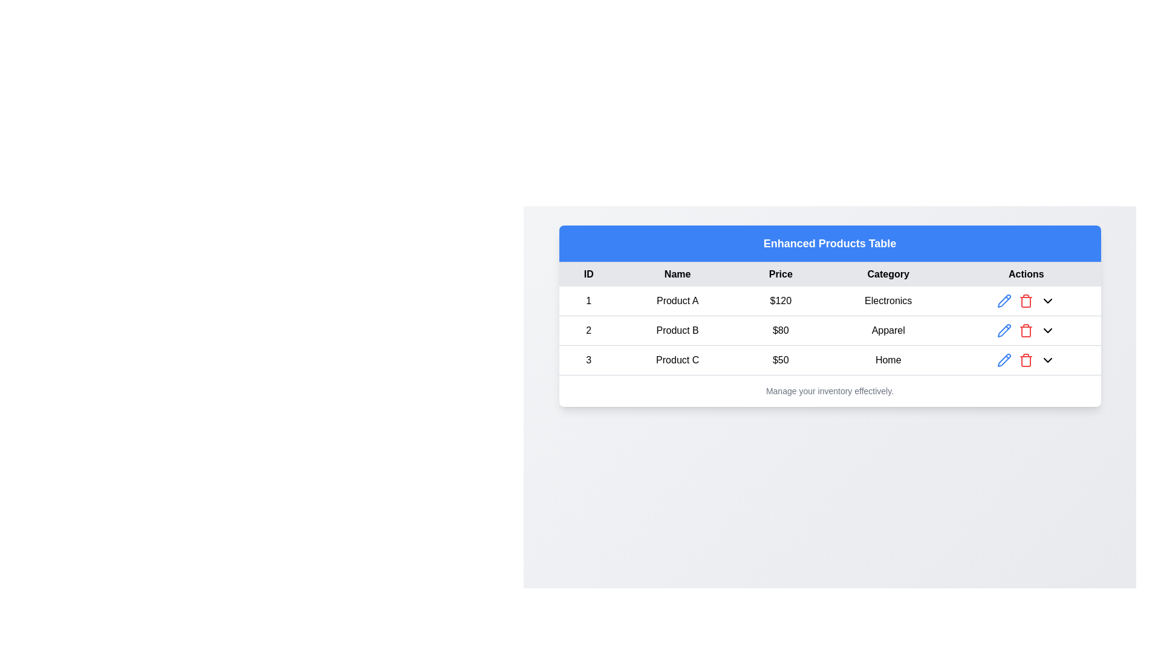 The height and width of the screenshot is (653, 1161). What do you see at coordinates (781, 331) in the screenshot?
I see `value displayed in the table cell containing the text '$80', which is located in the 'Price' column of the second row for Product B` at bounding box center [781, 331].